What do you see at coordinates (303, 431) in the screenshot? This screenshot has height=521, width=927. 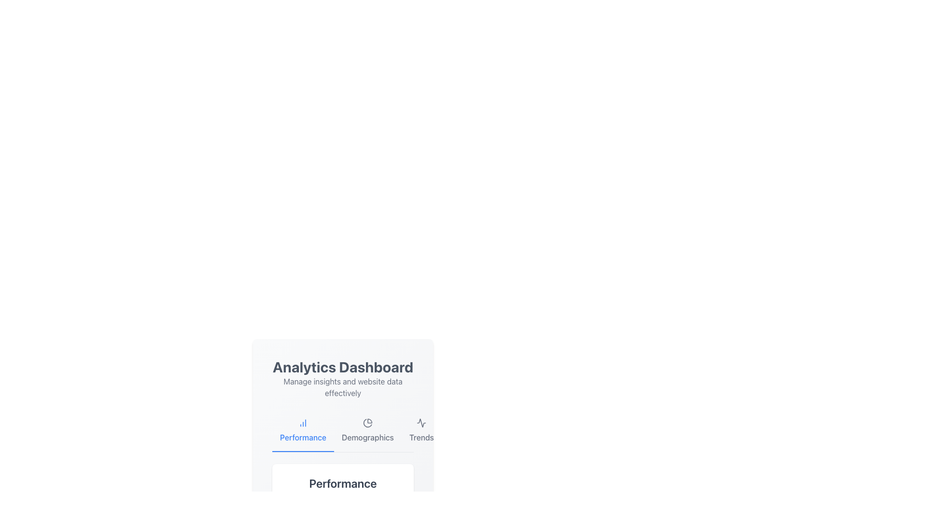 I see `the first tab navigation item in the dashboard interface` at bounding box center [303, 431].